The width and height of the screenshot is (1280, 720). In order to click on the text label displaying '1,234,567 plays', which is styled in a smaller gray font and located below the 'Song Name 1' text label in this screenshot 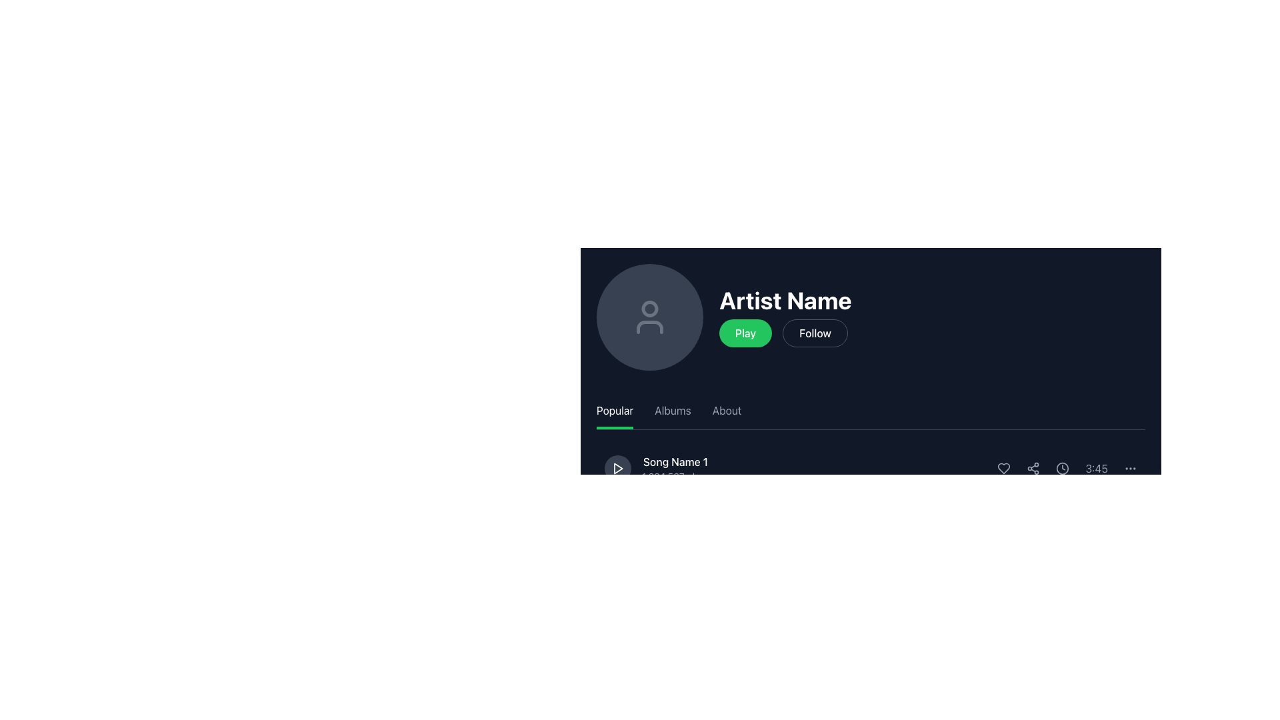, I will do `click(675, 475)`.